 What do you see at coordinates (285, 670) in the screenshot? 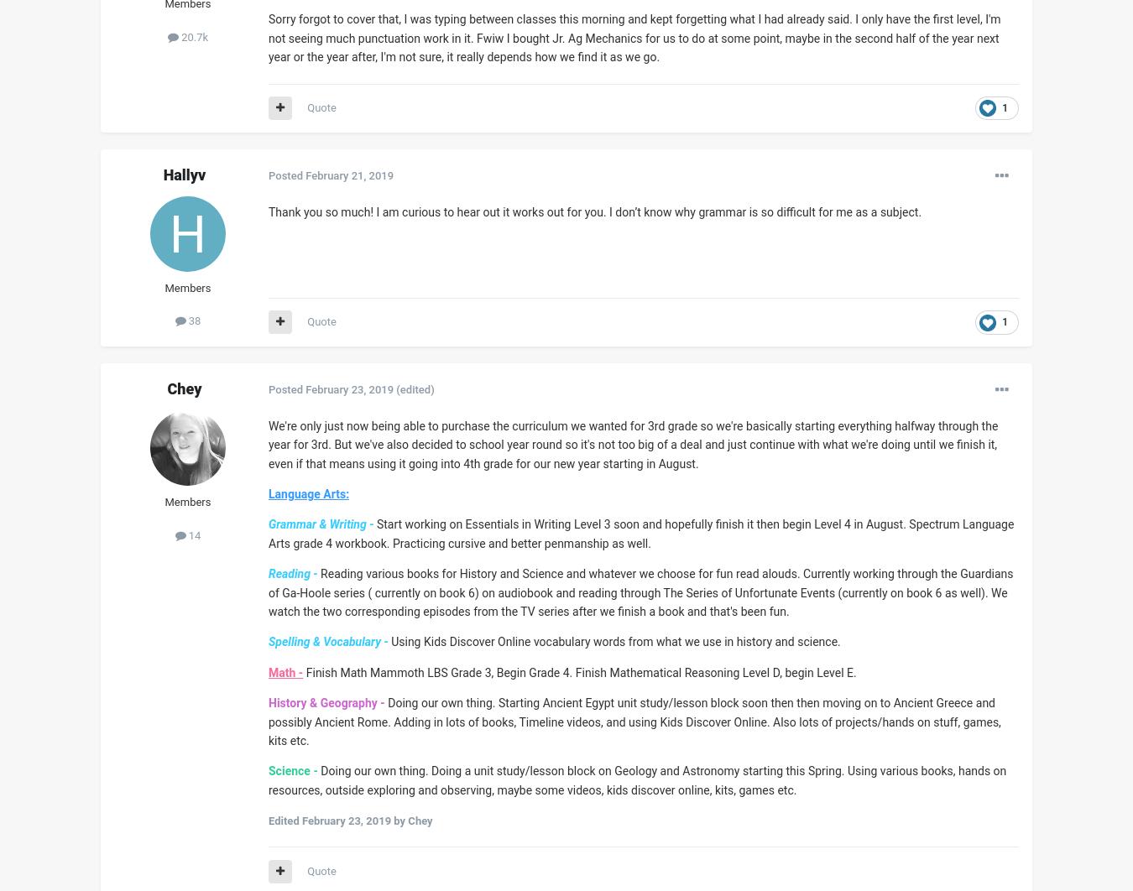
I see `'Math -'` at bounding box center [285, 670].